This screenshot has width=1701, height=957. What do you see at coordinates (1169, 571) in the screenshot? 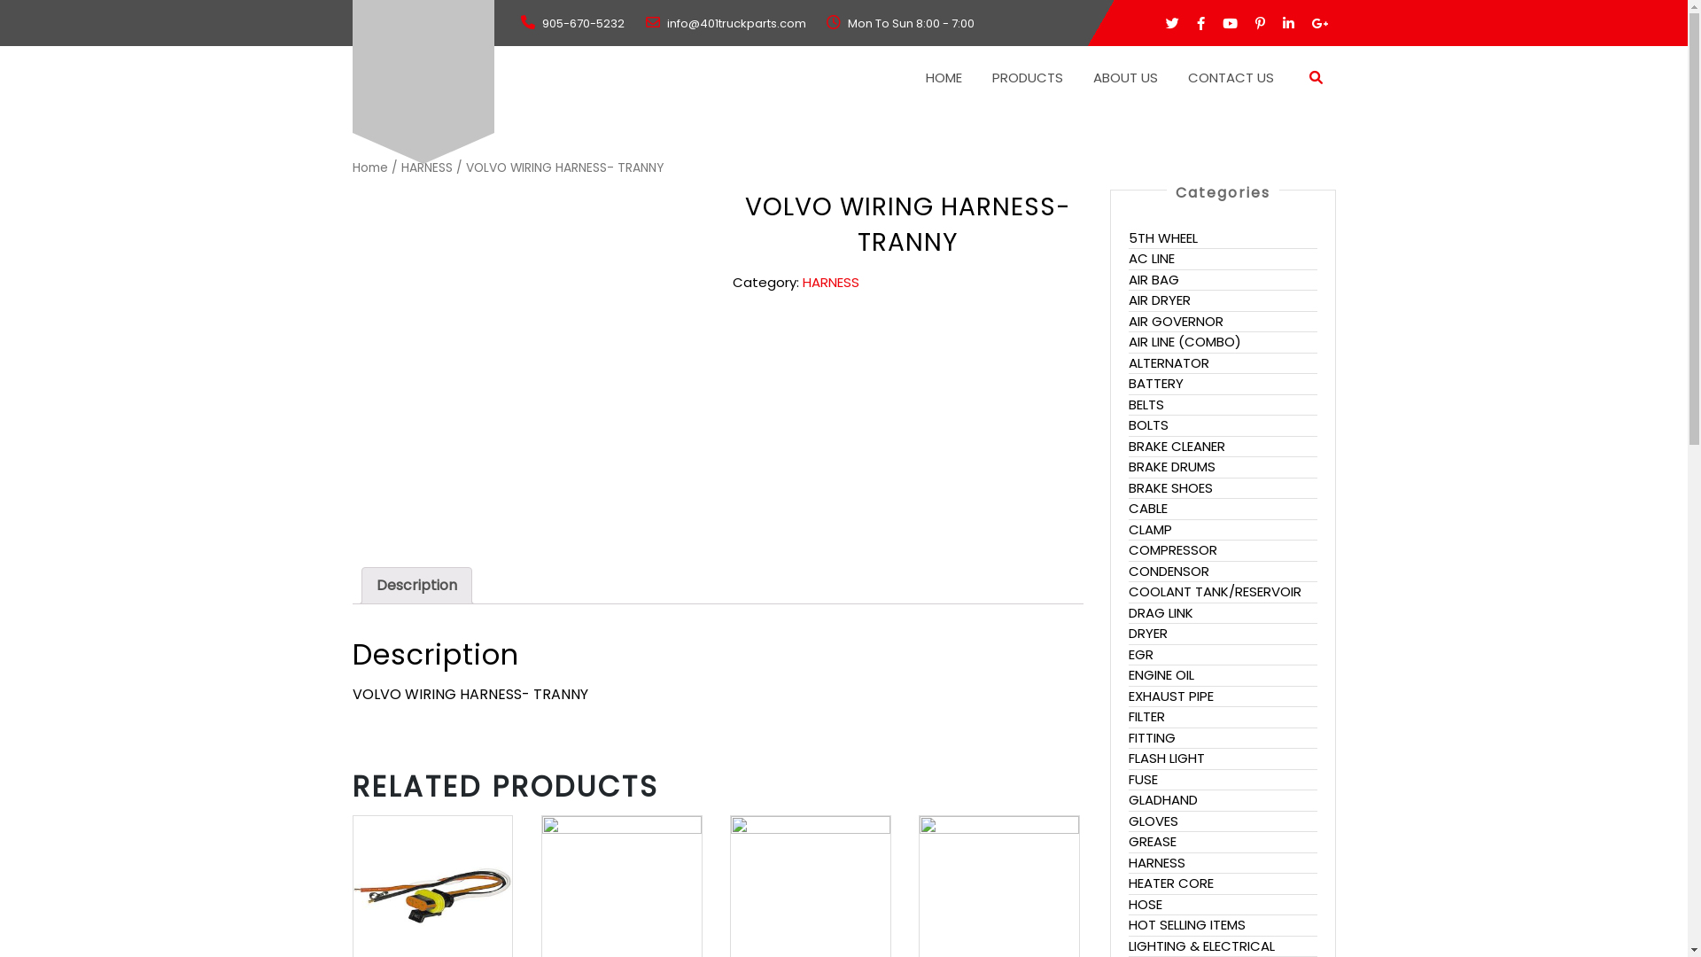
I see `'CONDENSOR'` at bounding box center [1169, 571].